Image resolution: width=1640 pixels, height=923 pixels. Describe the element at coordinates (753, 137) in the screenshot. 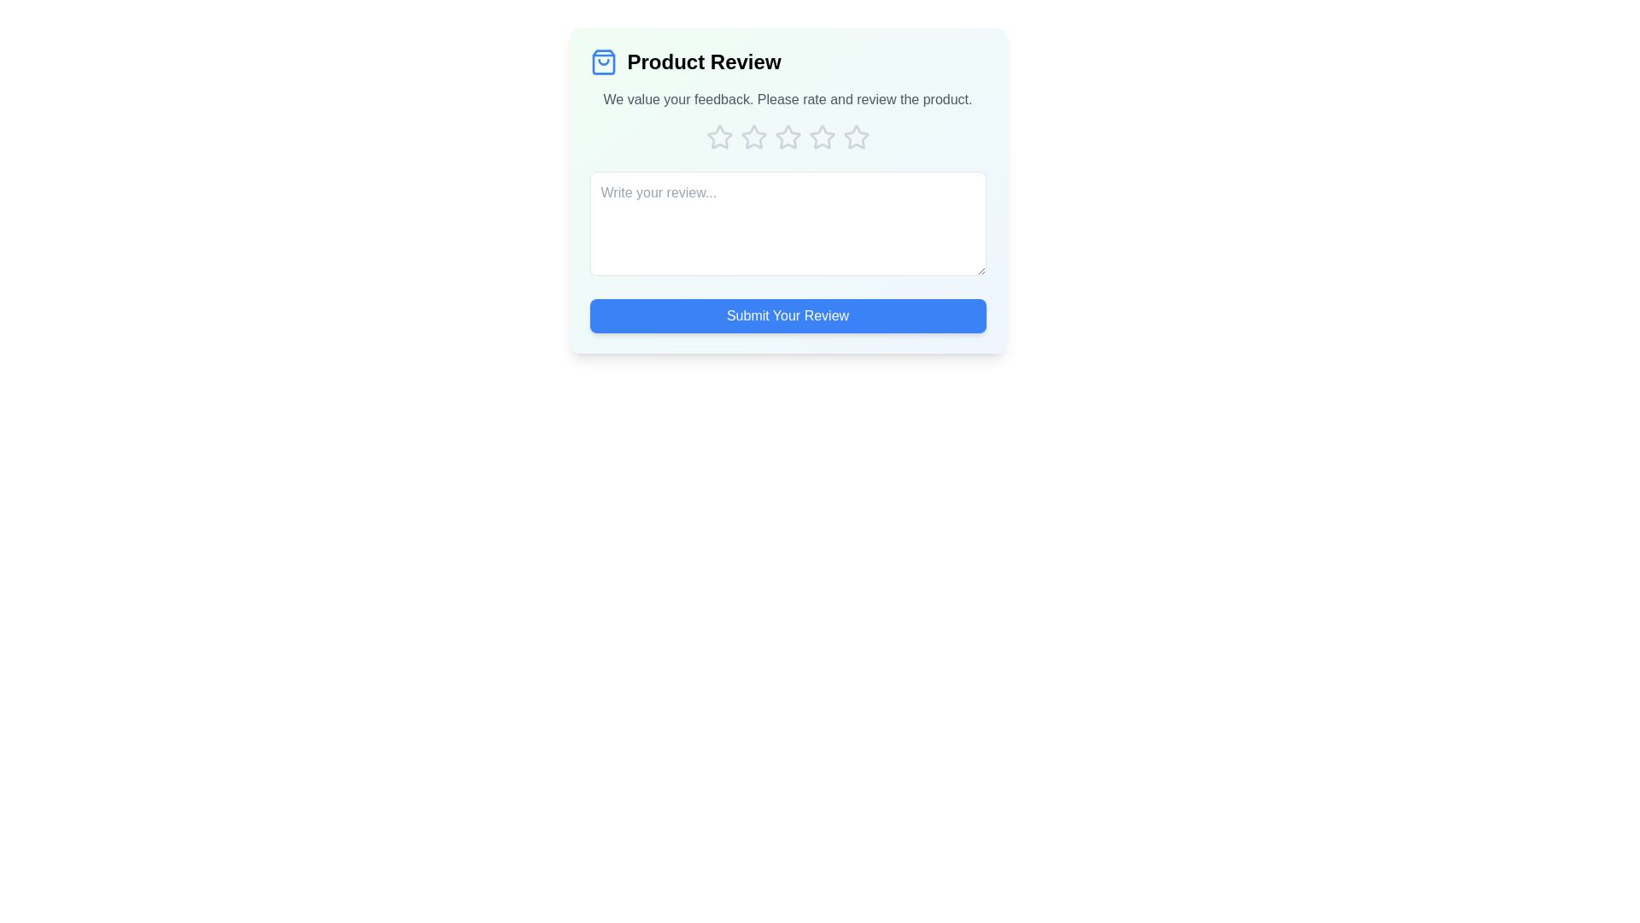

I see `the third star icon in the rating system` at that location.